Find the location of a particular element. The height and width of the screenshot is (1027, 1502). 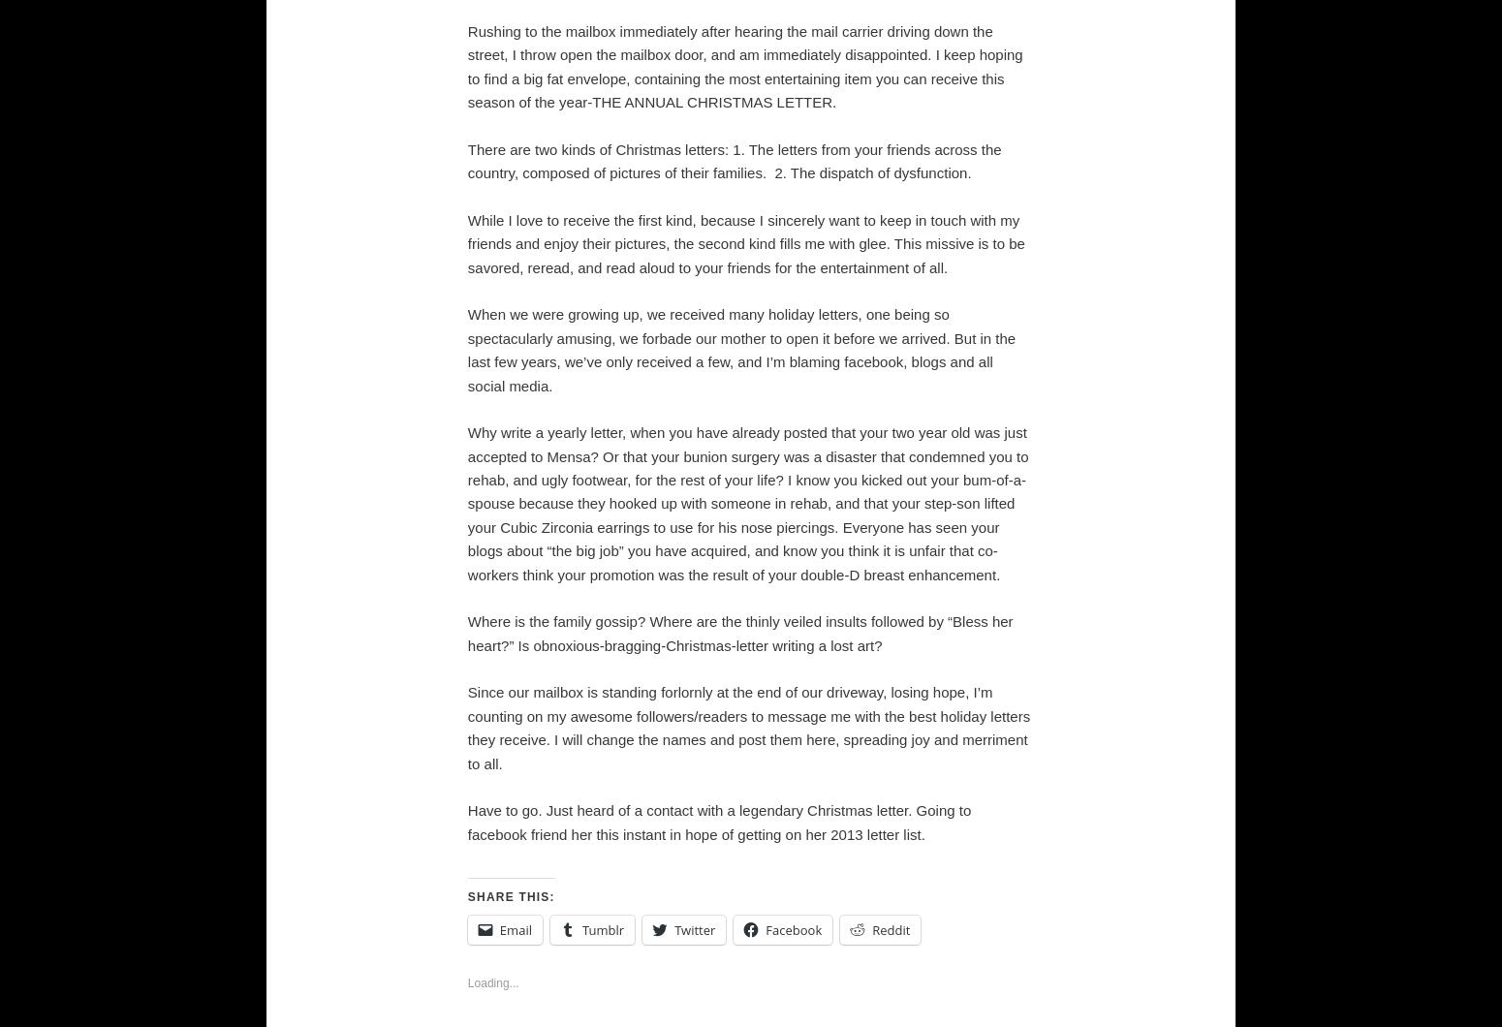

'Rushing to the mailbox immediately after hearing the mail carrier driving down the street, I throw open the mailbox door, and am immediately disappointed. I keep hoping to find a big fat envelope, containing the most entertaining item you can receive this season of the year-THE ANNUAL CHRISTMAS LETTER.' is located at coordinates (466, 66).